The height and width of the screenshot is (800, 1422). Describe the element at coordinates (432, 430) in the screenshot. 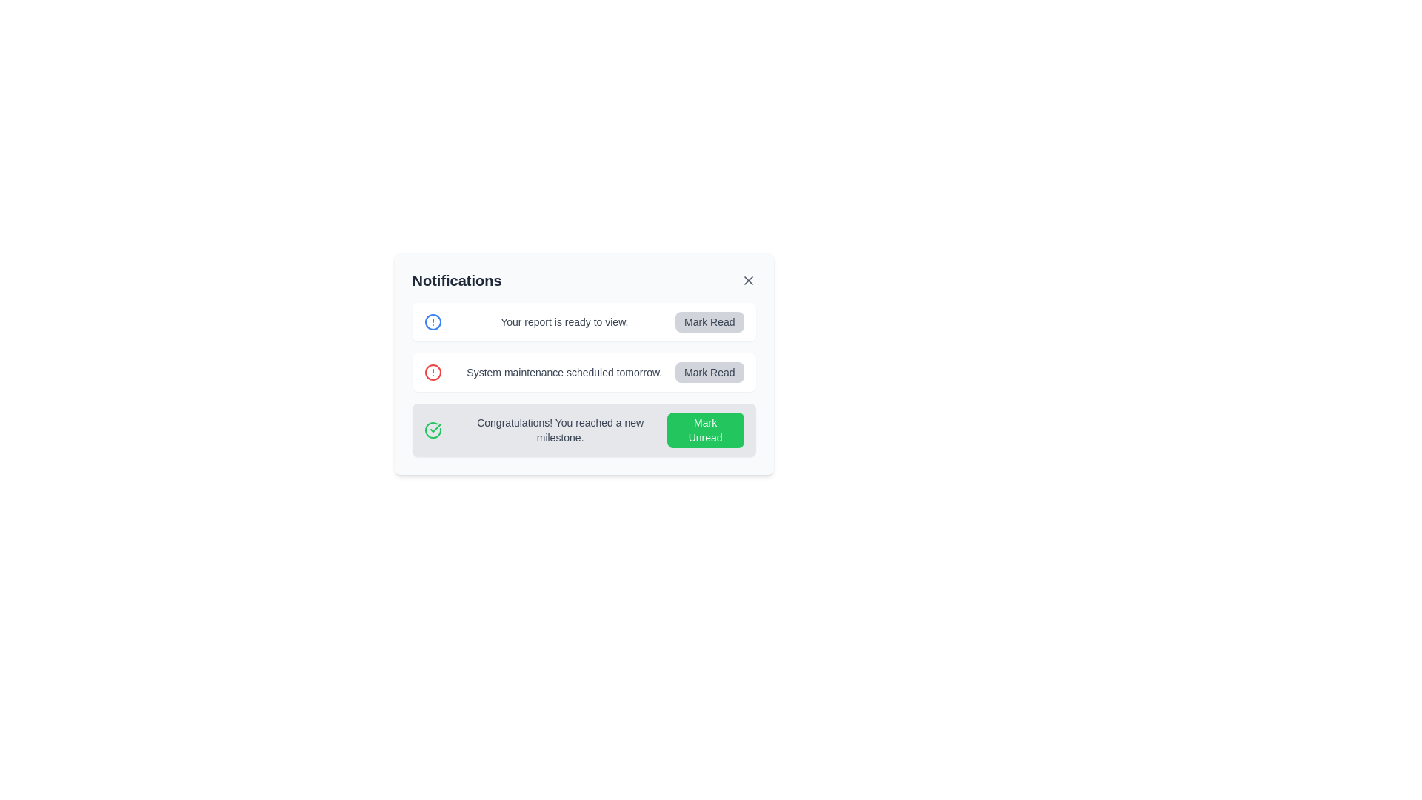

I see `the green checkmark icon within the notification indicating success, located to the left of the 'Mark Unread' button` at that location.